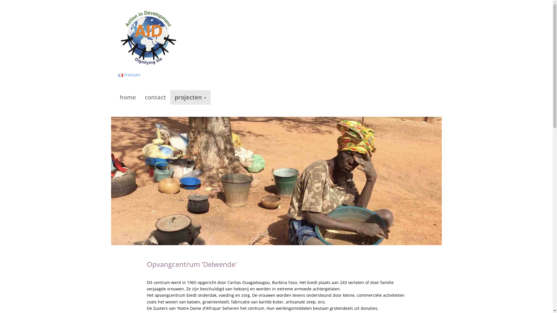 The height and width of the screenshot is (313, 557). What do you see at coordinates (128, 97) in the screenshot?
I see `'home'` at bounding box center [128, 97].